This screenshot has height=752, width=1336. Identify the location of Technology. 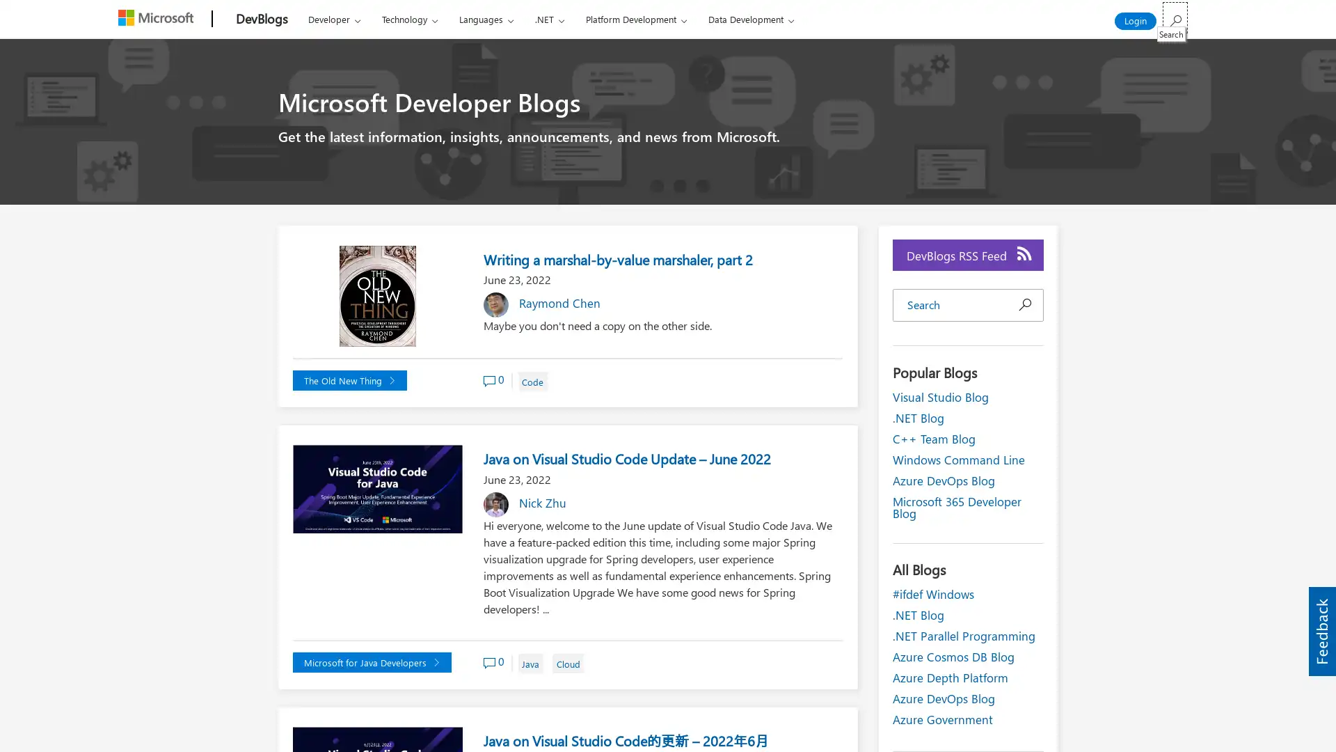
(408, 19).